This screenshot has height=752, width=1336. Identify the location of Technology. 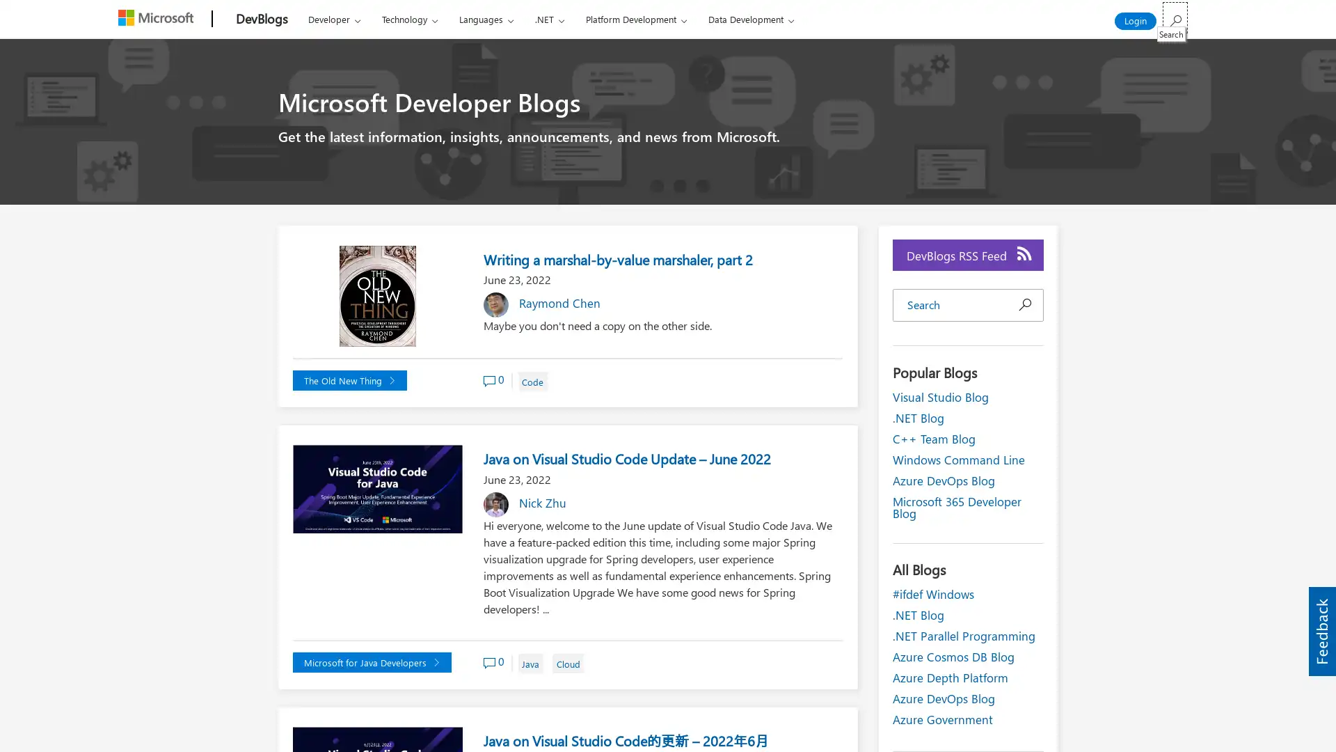
(408, 19).